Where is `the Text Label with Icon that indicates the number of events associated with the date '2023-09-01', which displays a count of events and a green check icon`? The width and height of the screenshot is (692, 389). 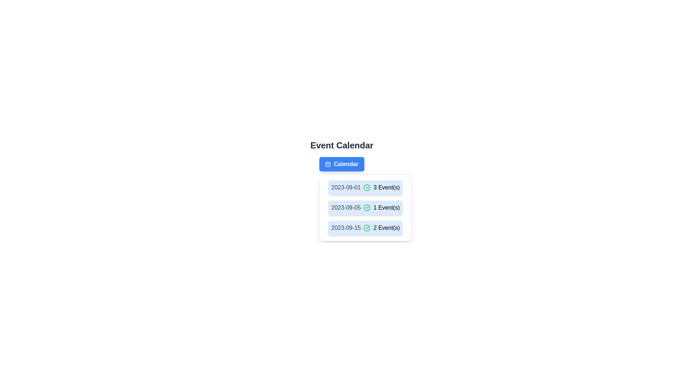
the Text Label with Icon that indicates the number of events associated with the date '2023-09-01', which displays a count of events and a green check icon is located at coordinates (381, 187).